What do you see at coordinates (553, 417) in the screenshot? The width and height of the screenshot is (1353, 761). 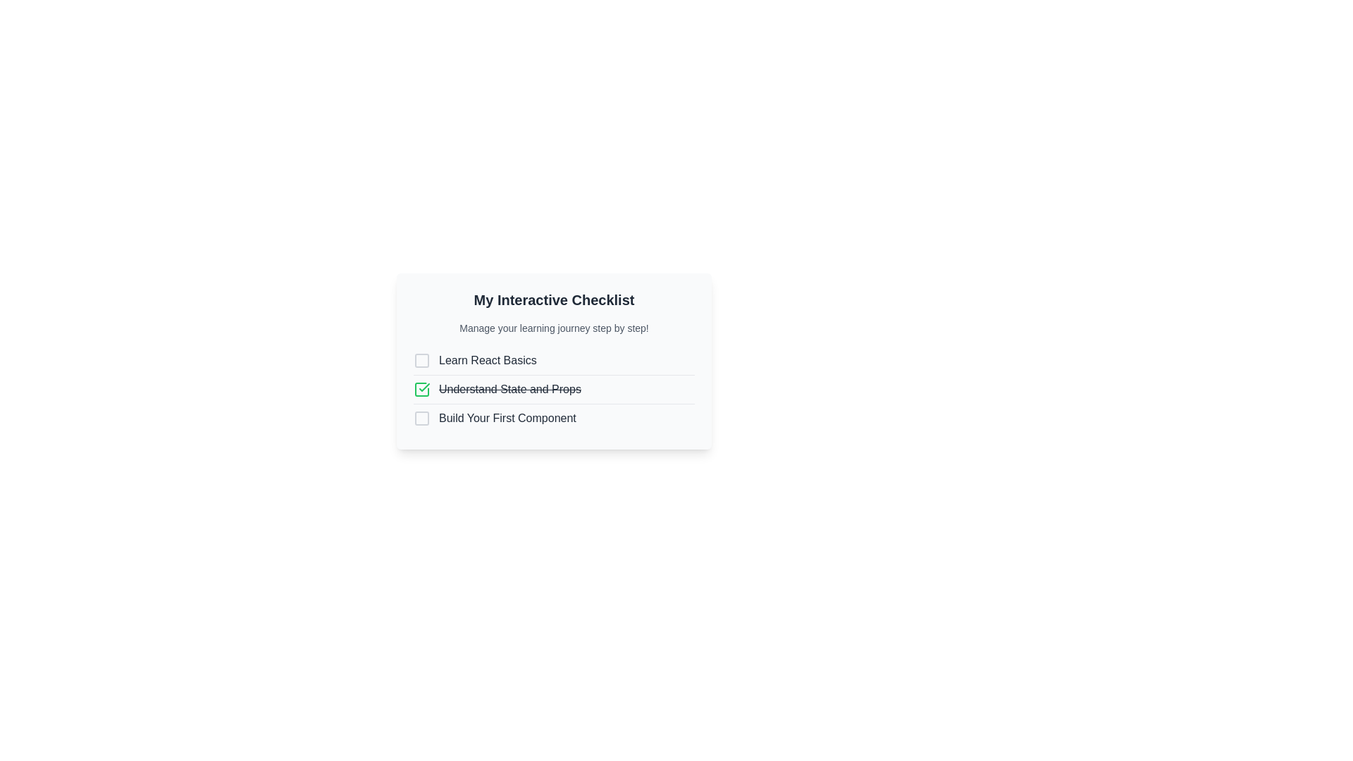 I see `associated text of the checklist item labeled 'Build Your First Component', which is the third item in the checklist, located below 'Understand State and Props'` at bounding box center [553, 417].